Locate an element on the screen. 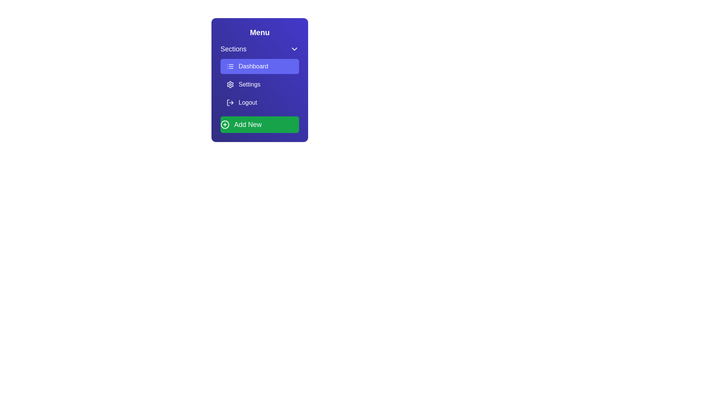 This screenshot has height=408, width=725. the text element Menu for reading or copying is located at coordinates (259, 32).